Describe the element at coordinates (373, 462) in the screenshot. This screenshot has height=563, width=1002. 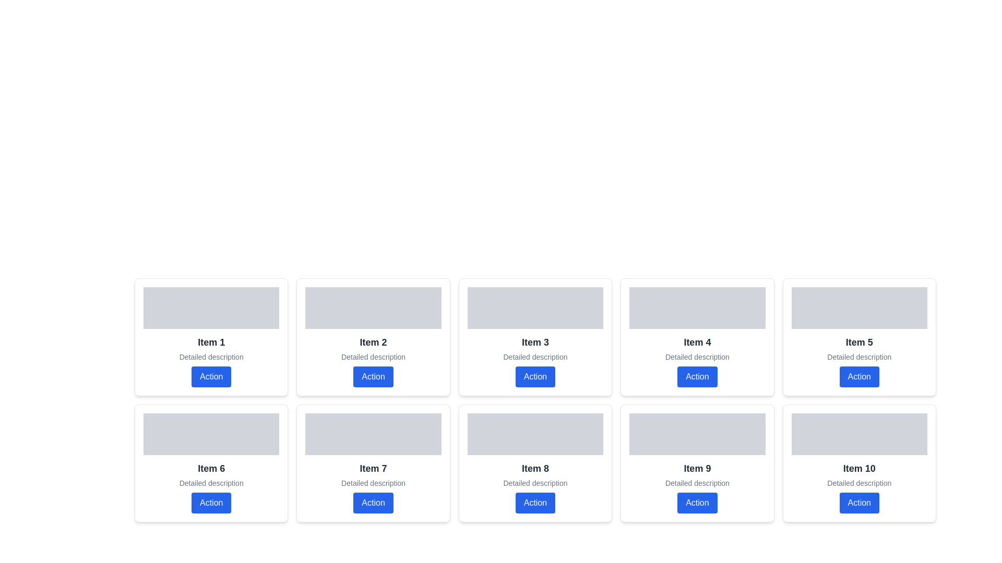
I see `detailed description of the 'Item 7' card, which is a rectangular card-like component featuring a gray placeholder, bold text 'Item 7', a detailed description, and a blue button labeled 'Action' at the bottom` at that location.